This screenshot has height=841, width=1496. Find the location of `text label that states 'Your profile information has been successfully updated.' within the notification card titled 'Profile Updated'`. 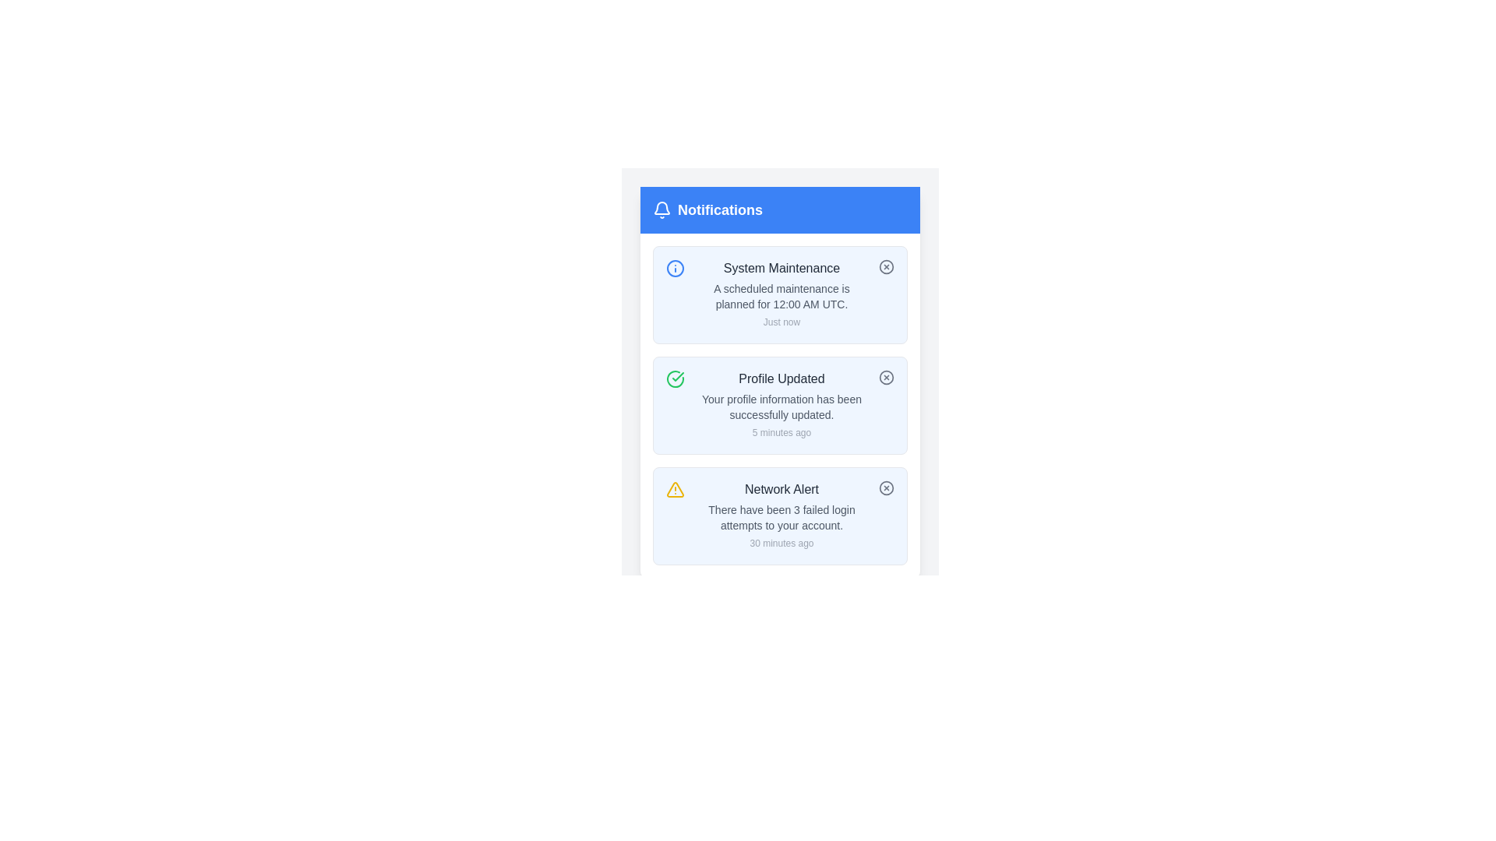

text label that states 'Your profile information has been successfully updated.' within the notification card titled 'Profile Updated' is located at coordinates (782, 406).